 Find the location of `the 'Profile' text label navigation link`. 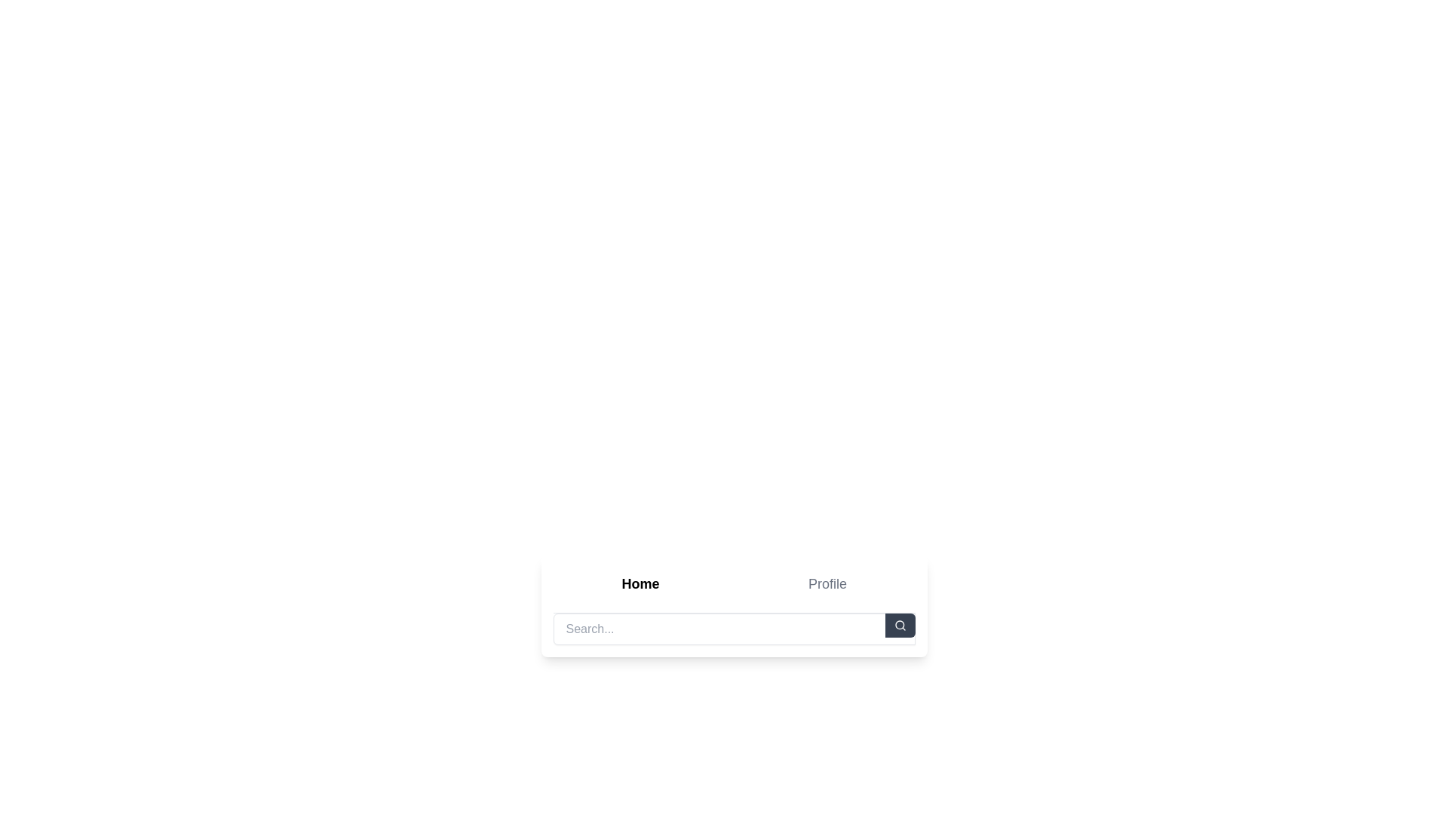

the 'Profile' text label navigation link is located at coordinates (827, 583).